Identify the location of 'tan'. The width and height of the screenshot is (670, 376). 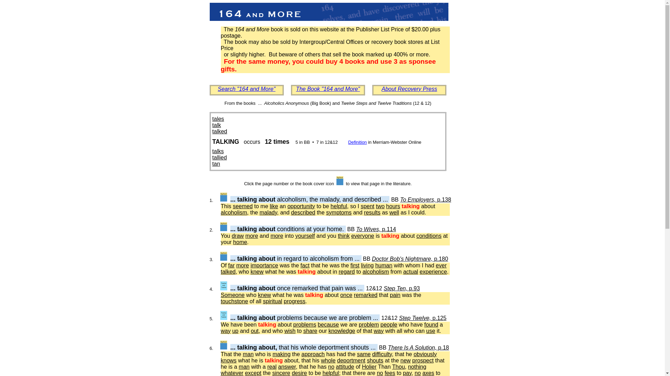
(216, 164).